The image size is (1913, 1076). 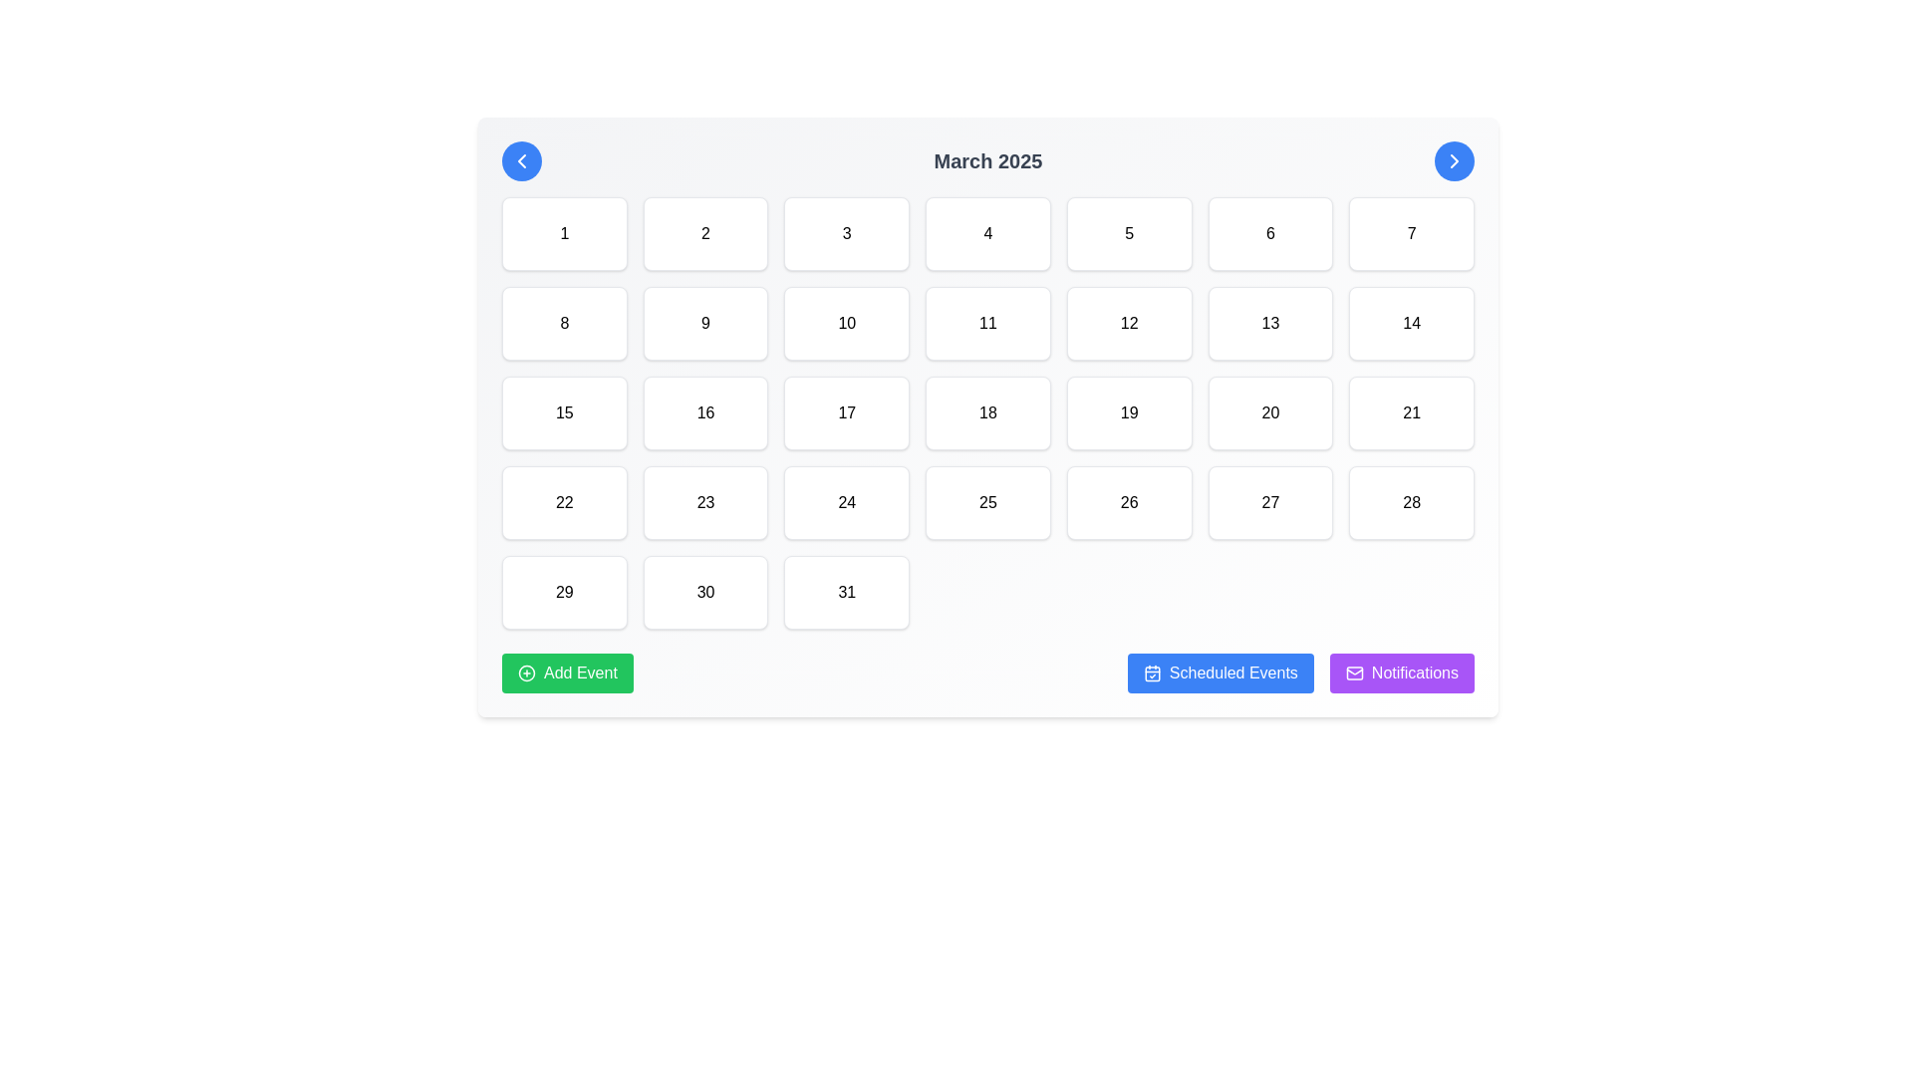 I want to click on the Date element representing the 5th day of the month in the calendar grid, so click(x=1129, y=233).